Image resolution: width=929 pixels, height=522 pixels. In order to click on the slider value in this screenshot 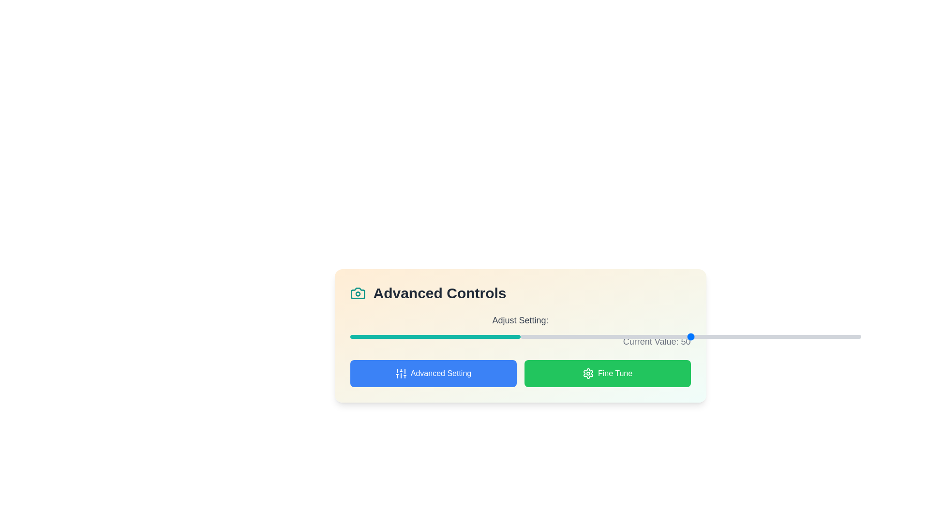, I will do `click(657, 336)`.